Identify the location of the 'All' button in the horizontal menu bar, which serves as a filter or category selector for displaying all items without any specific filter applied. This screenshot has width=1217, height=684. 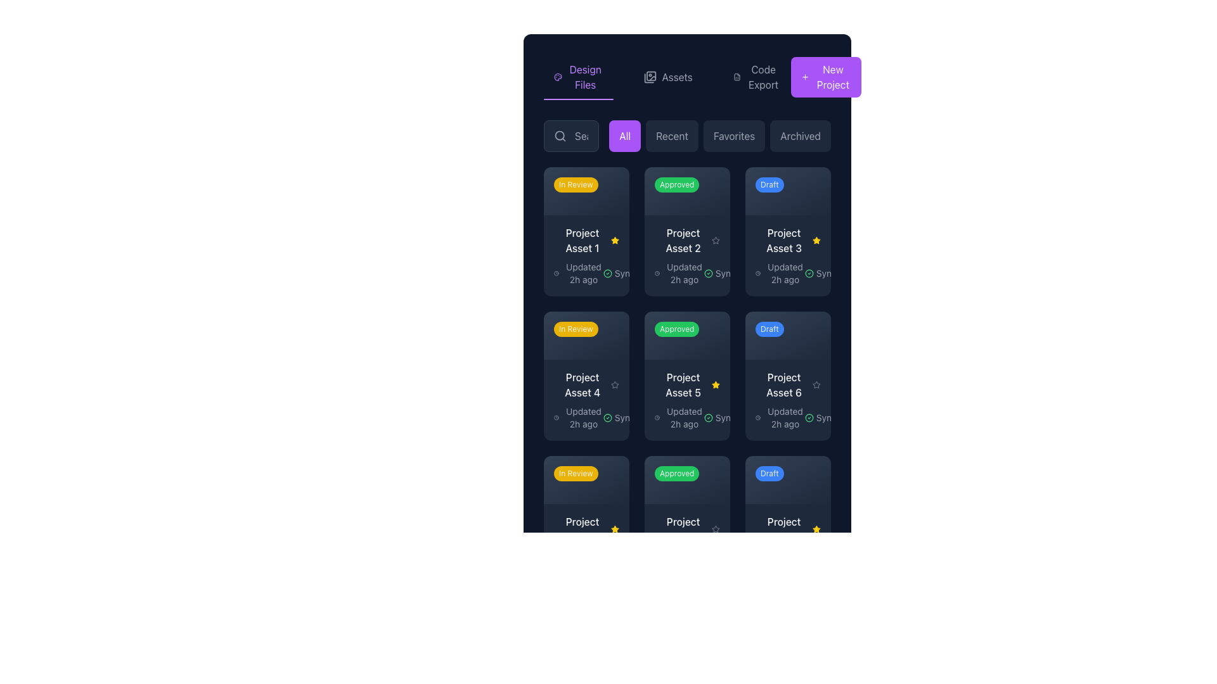
(625, 136).